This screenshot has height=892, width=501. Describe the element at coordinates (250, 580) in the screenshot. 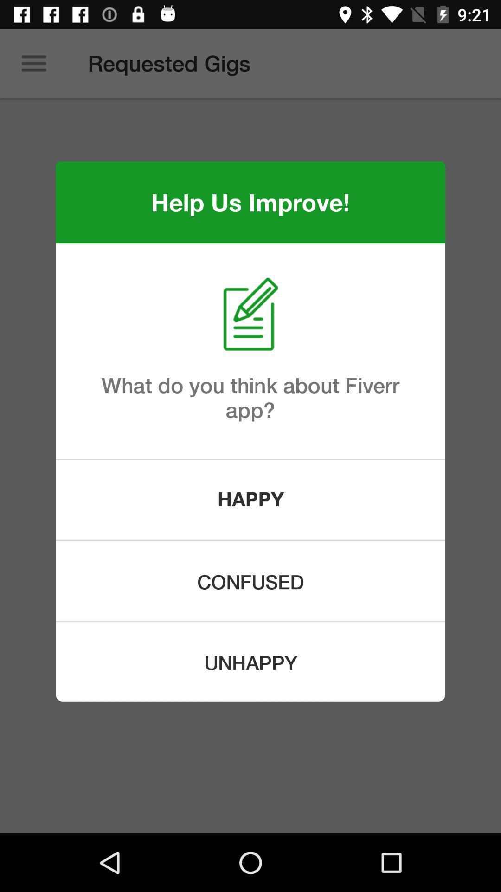

I see `confused icon` at that location.